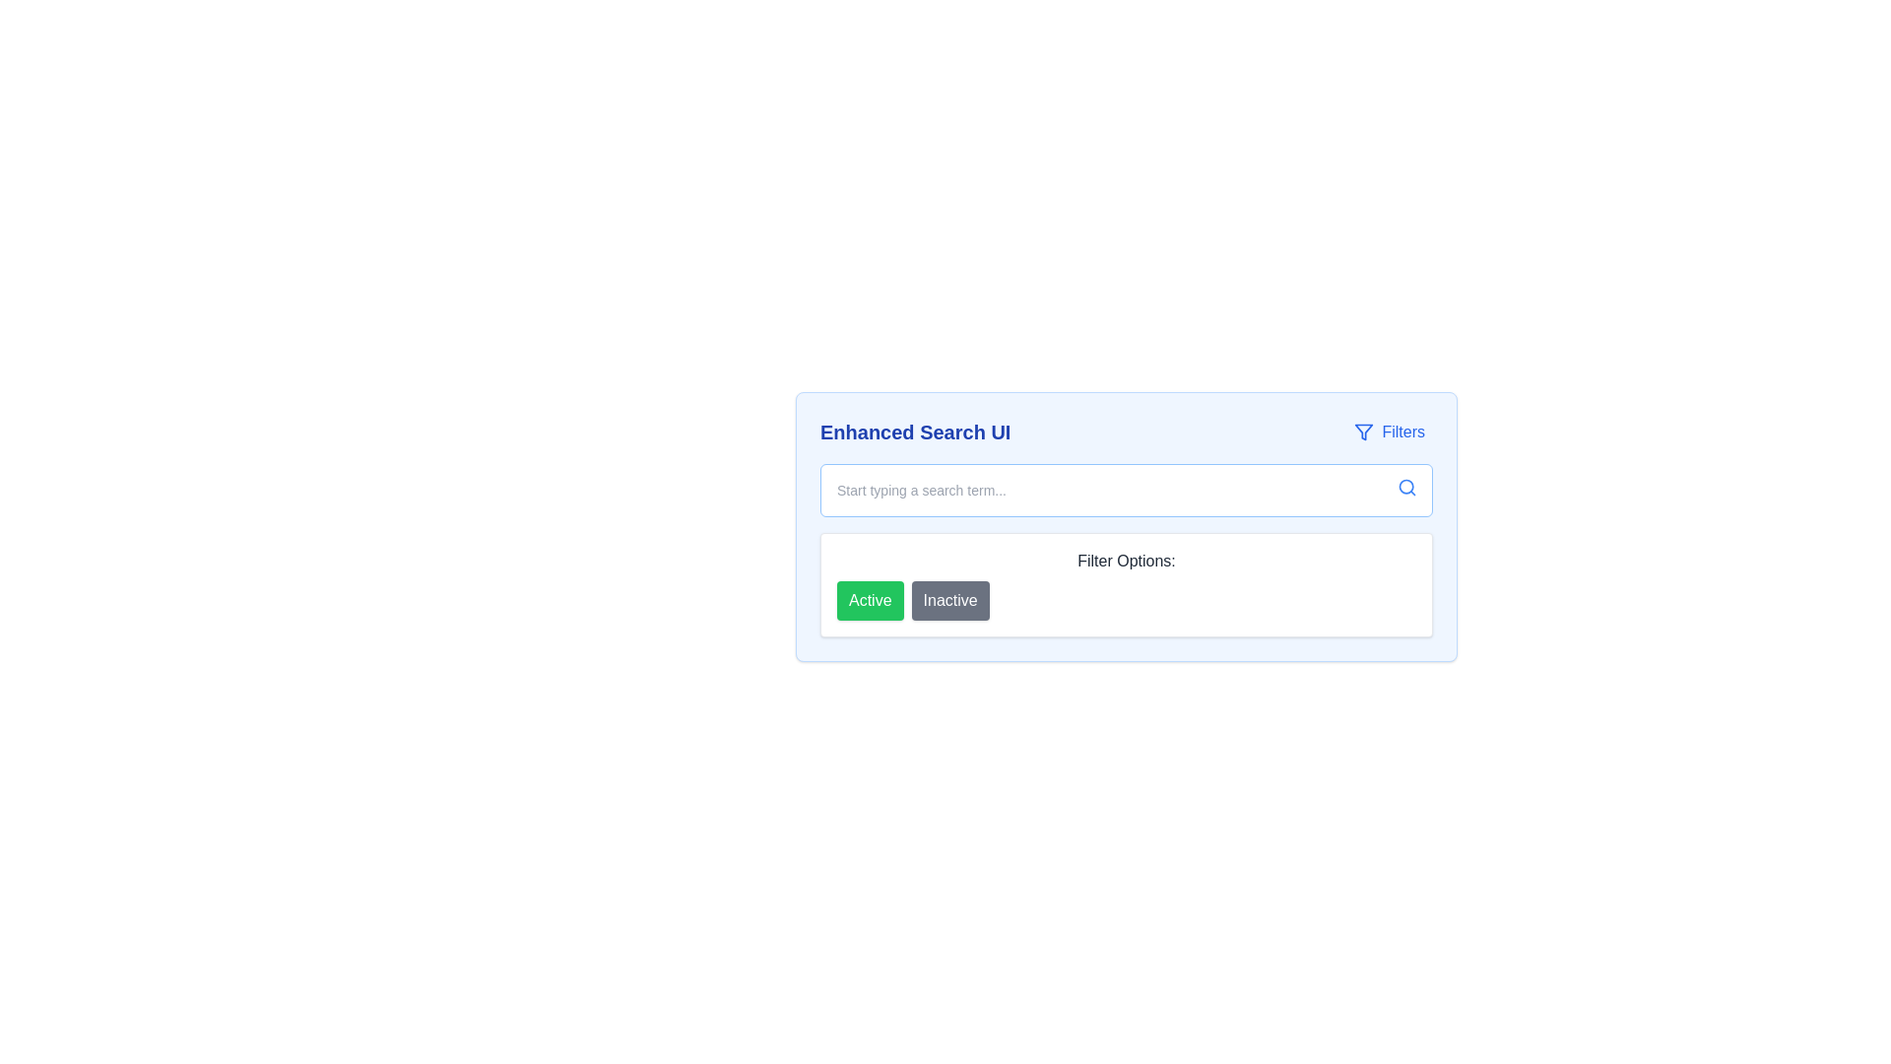 Image resolution: width=1891 pixels, height=1064 pixels. I want to click on the magnifying glass icon representing the search function, which is located on the far right side inside the search bar, so click(1406, 487).